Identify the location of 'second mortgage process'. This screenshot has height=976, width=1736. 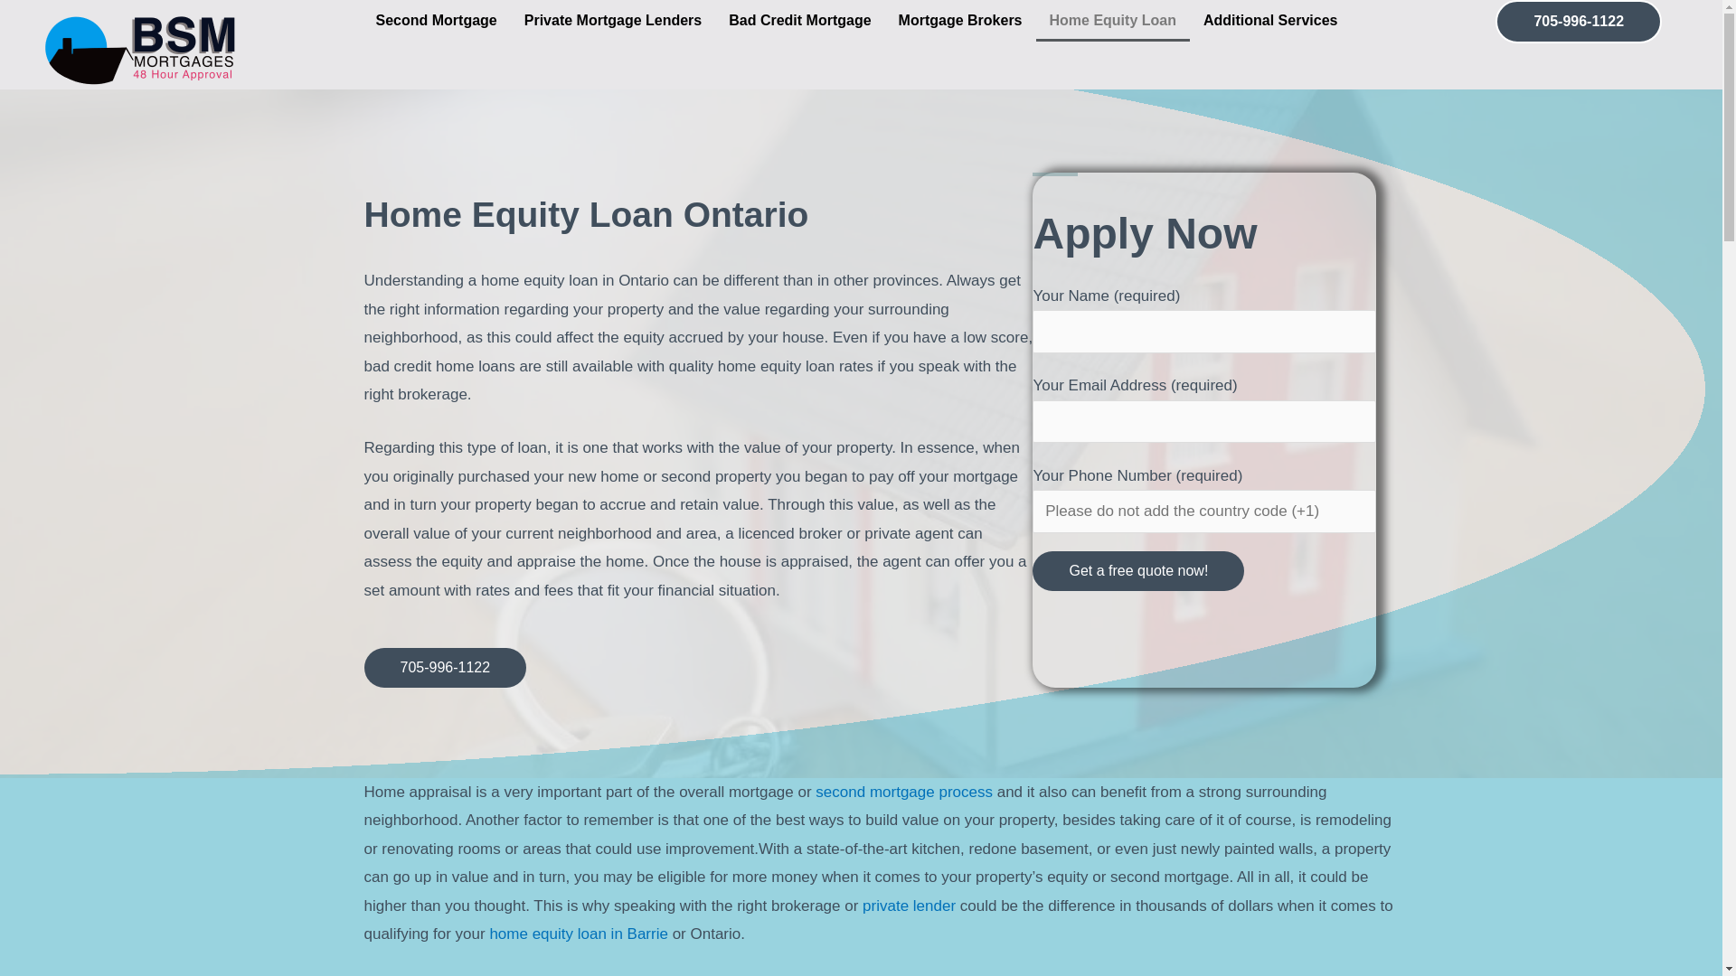
(903, 791).